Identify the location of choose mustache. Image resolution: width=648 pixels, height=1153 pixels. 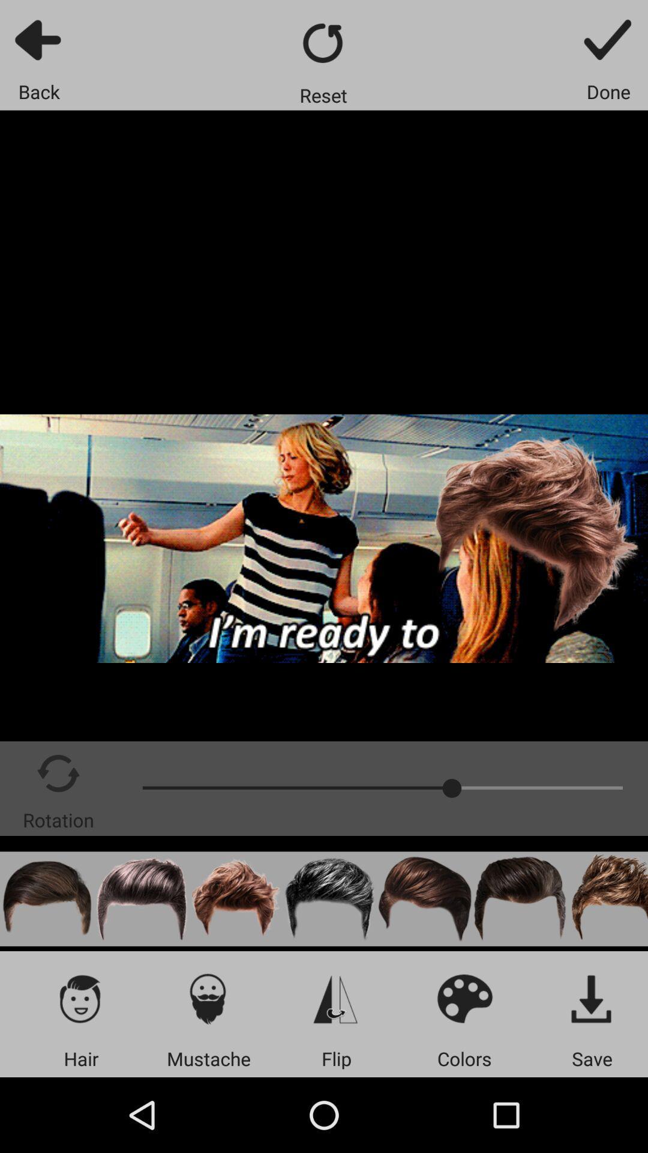
(208, 998).